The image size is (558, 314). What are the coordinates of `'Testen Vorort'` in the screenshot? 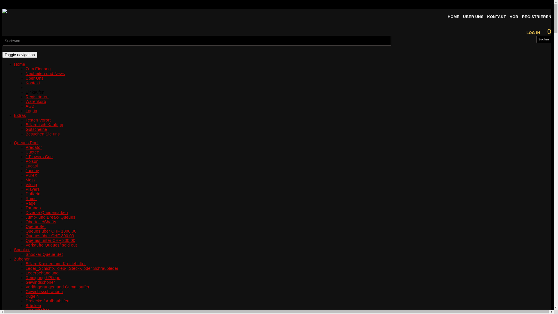 It's located at (37, 119).